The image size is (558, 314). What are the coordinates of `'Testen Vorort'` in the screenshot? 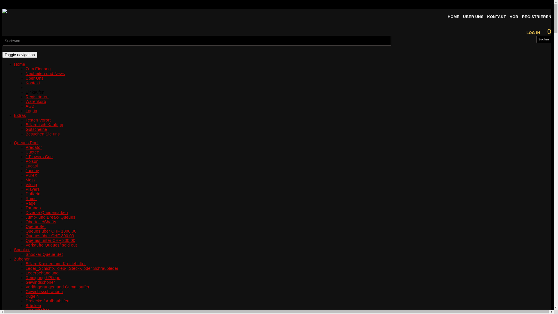 It's located at (37, 119).